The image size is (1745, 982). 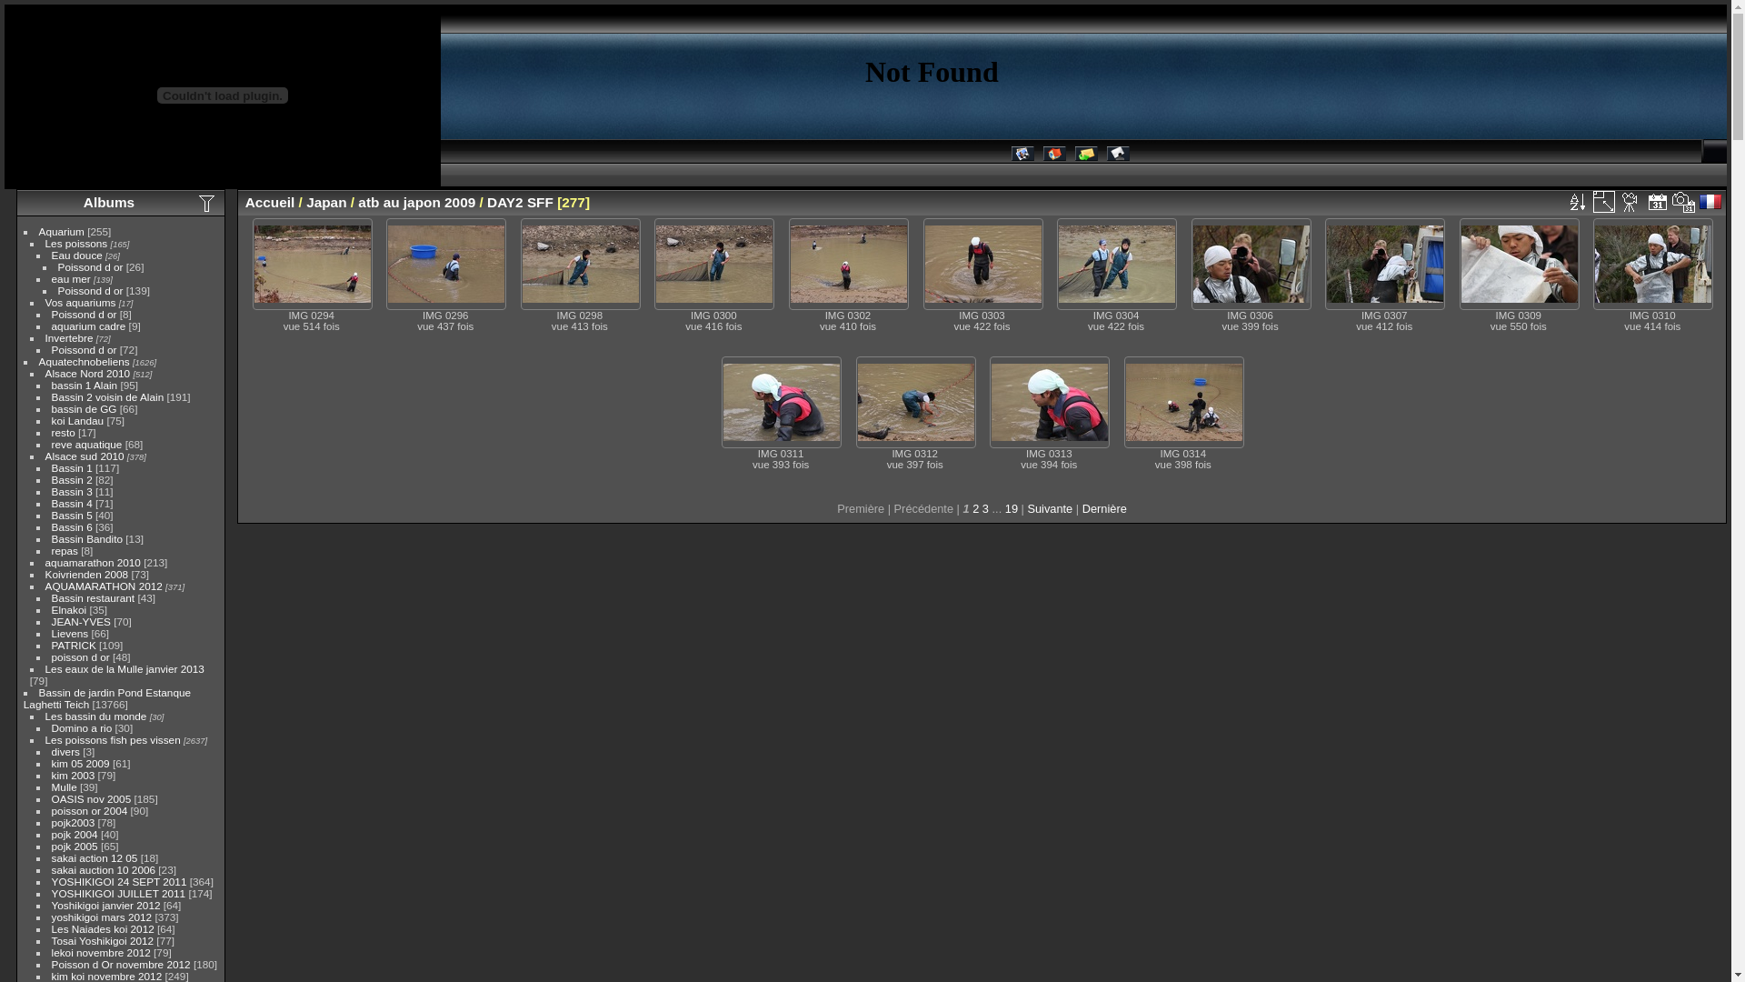 What do you see at coordinates (52, 763) in the screenshot?
I see `'kim 05 2009'` at bounding box center [52, 763].